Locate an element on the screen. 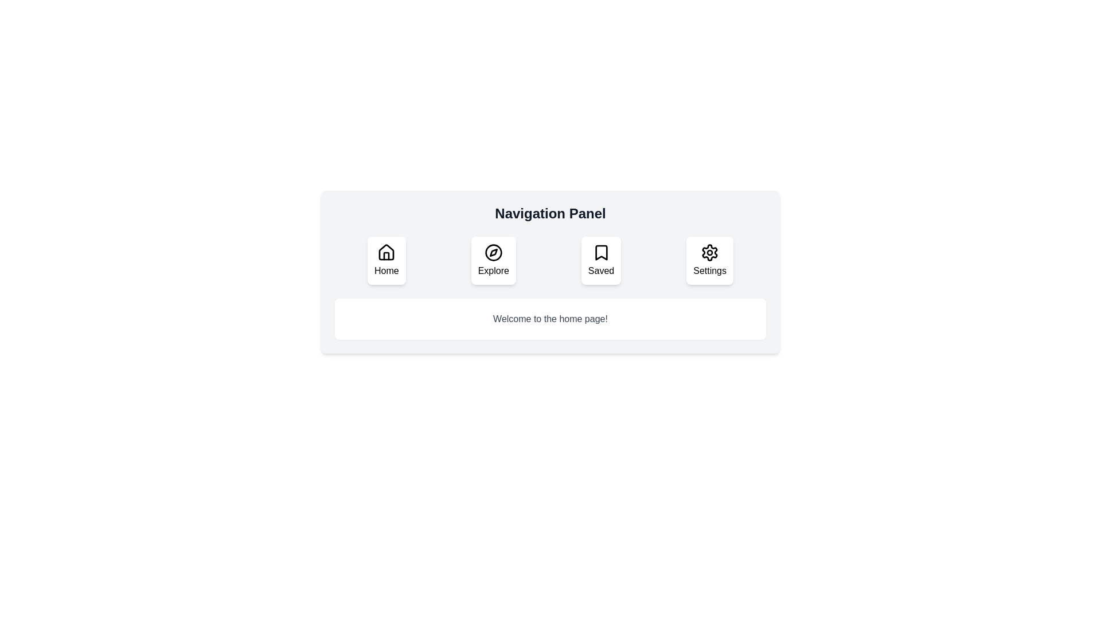  the house icon located on the top-left of the navigation panel is located at coordinates (386, 251).